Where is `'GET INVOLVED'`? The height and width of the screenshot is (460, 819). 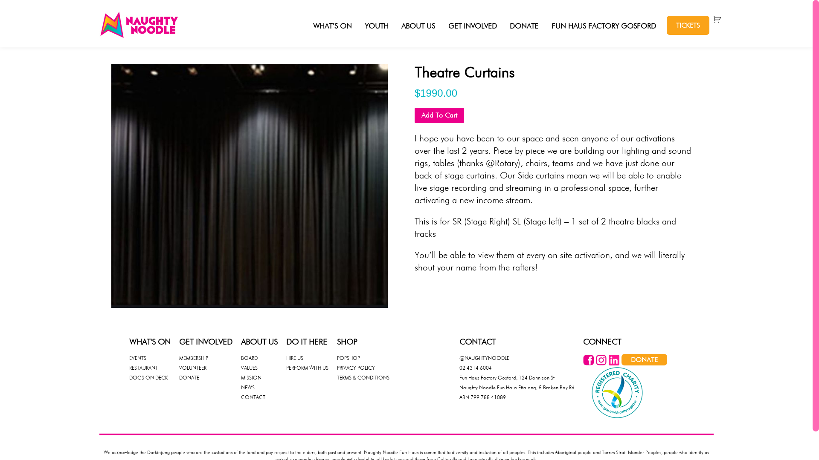 'GET INVOLVED' is located at coordinates (472, 26).